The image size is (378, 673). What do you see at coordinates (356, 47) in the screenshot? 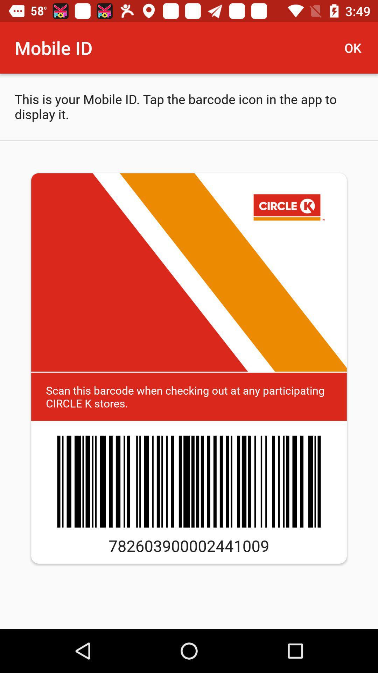
I see `item next to mobile id icon` at bounding box center [356, 47].